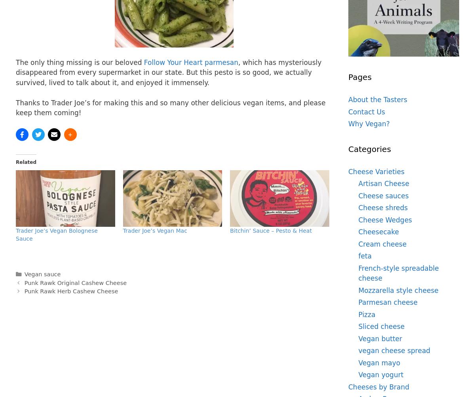 The image size is (475, 397). Describe the element at coordinates (358, 326) in the screenshot. I see `'Sliced cheese'` at that location.